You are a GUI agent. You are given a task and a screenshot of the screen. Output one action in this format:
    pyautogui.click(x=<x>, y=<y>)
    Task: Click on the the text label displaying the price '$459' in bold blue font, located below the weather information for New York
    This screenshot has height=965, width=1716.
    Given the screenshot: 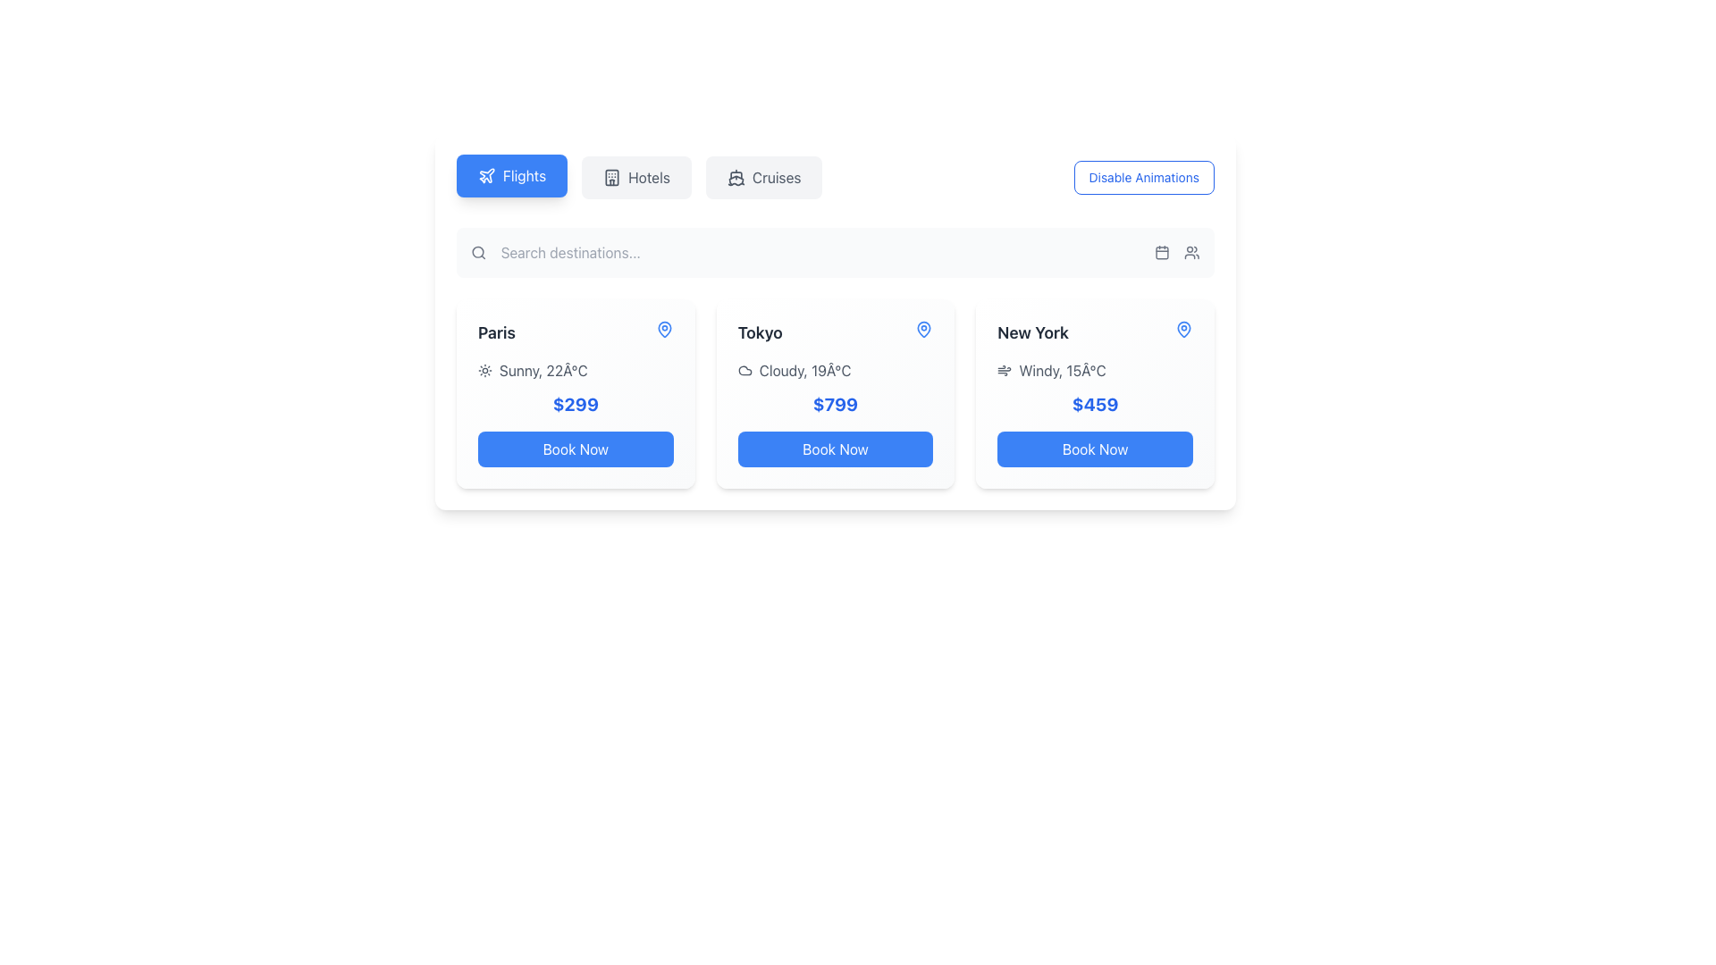 What is the action you would take?
    pyautogui.click(x=1094, y=404)
    